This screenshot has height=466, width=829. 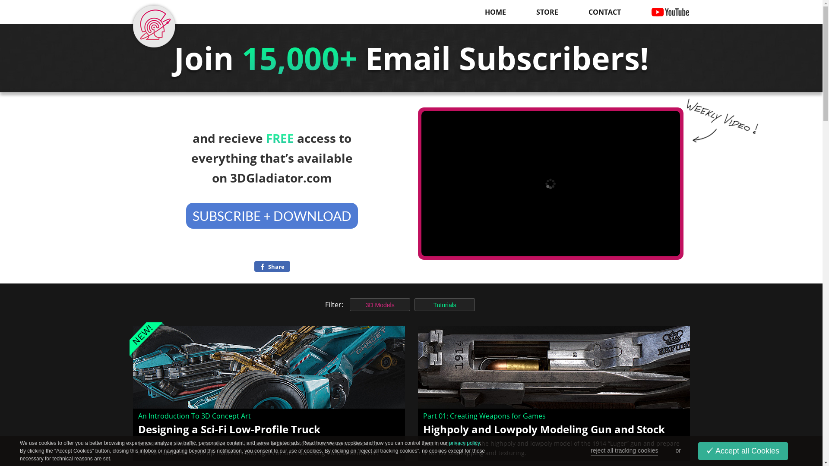 What do you see at coordinates (271, 266) in the screenshot?
I see `'Share '` at bounding box center [271, 266].